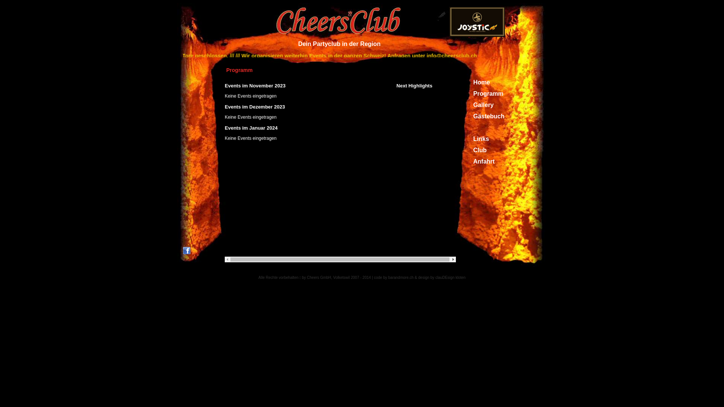 This screenshot has height=407, width=724. I want to click on 'Programm', so click(472, 93).